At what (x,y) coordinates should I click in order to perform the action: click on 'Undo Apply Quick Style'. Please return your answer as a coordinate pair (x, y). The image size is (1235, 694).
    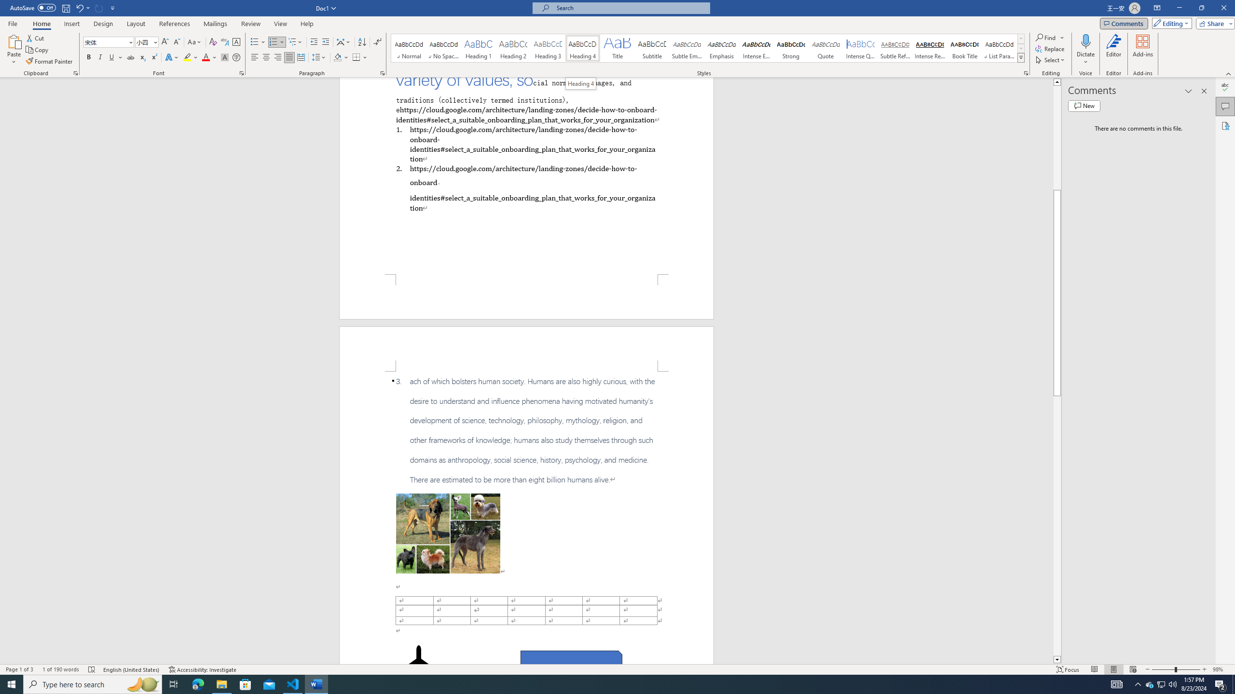
    Looking at the image, I should click on (82, 7).